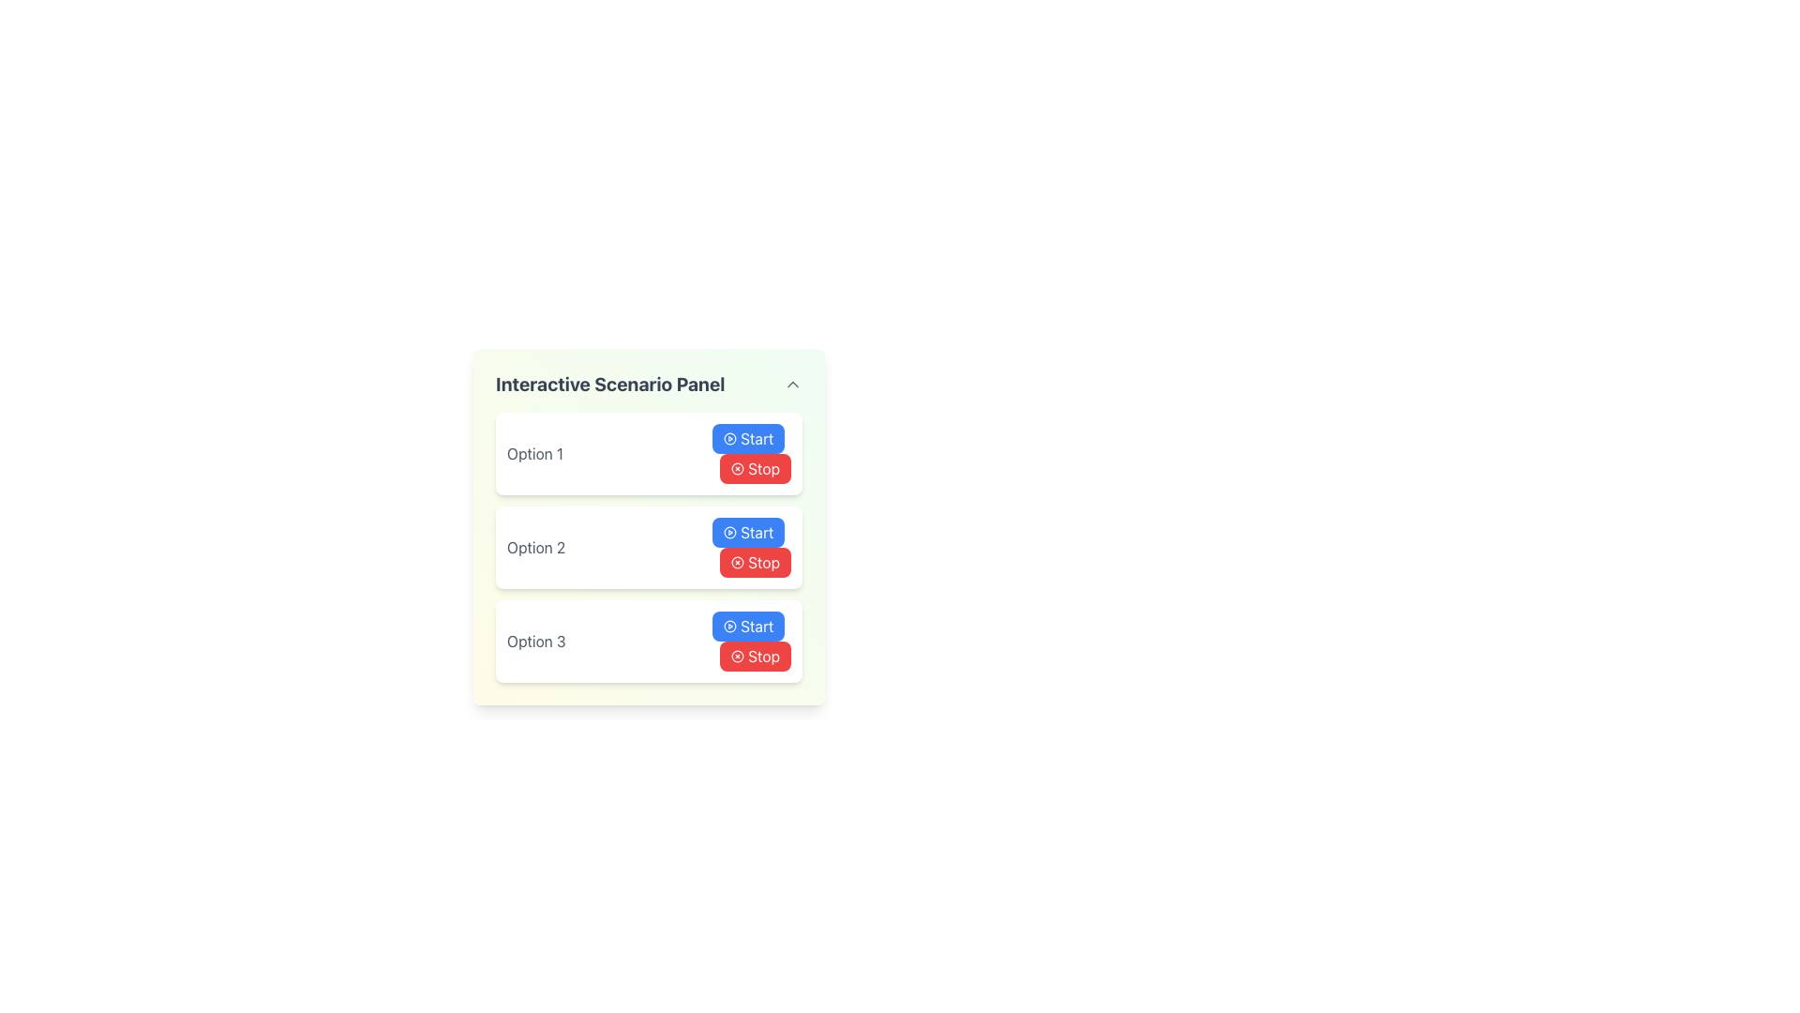 The image size is (1800, 1013). What do you see at coordinates (729, 626) in the screenshot?
I see `the 'Start' button icon located at the top-left of the button, which visually aligns with the triangle pointing towards the text 'Start'` at bounding box center [729, 626].